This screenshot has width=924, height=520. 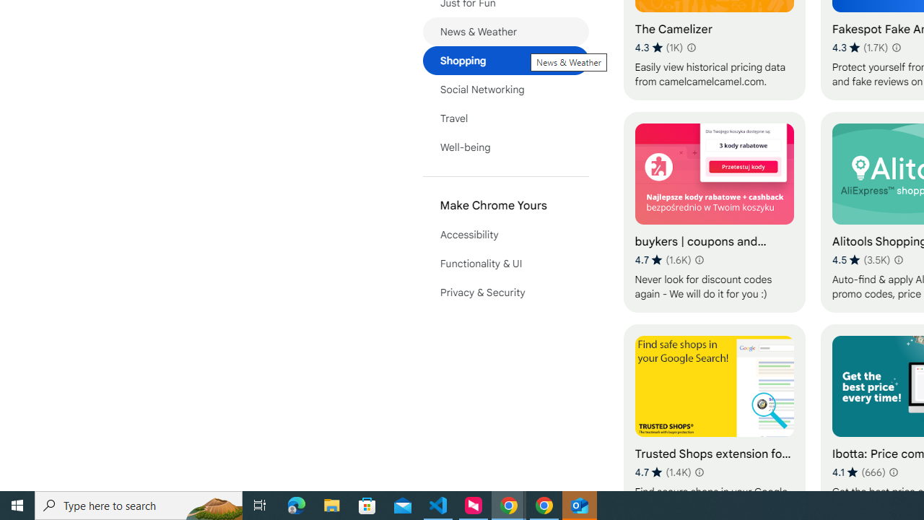 I want to click on 'Travel', so click(x=505, y=118).